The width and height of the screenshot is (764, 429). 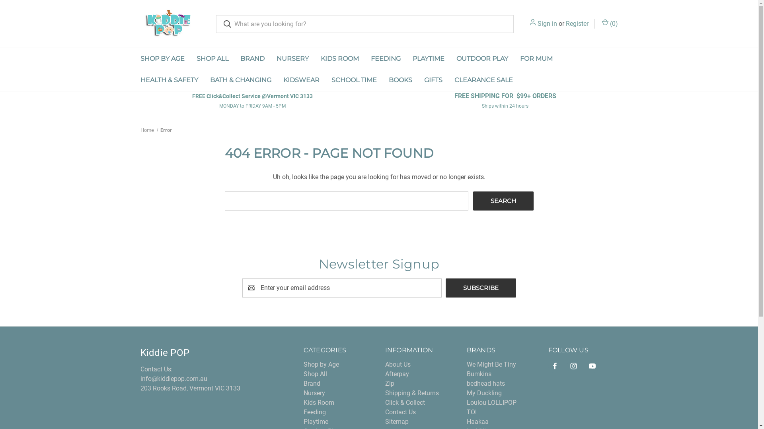 I want to click on 'Playtime', so click(x=315, y=421).